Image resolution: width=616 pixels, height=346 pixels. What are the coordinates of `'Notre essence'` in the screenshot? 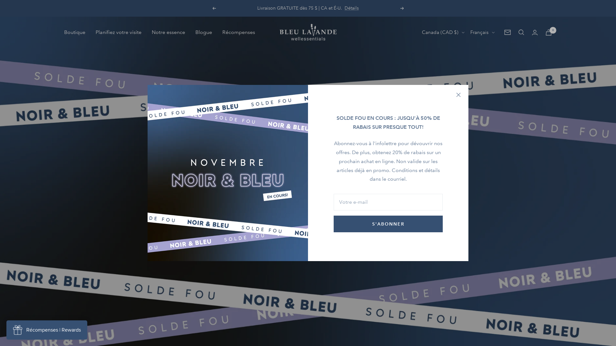 It's located at (168, 32).